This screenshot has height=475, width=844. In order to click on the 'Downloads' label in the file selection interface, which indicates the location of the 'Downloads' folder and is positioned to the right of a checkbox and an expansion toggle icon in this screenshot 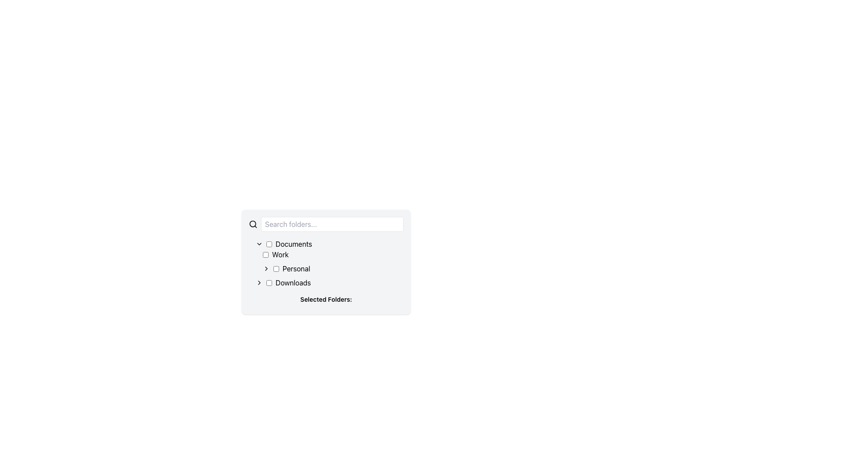, I will do `click(293, 283)`.